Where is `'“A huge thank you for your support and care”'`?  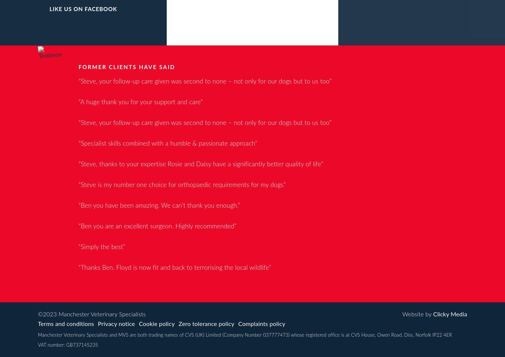
'“A huge thank you for your support and care”' is located at coordinates (140, 102).